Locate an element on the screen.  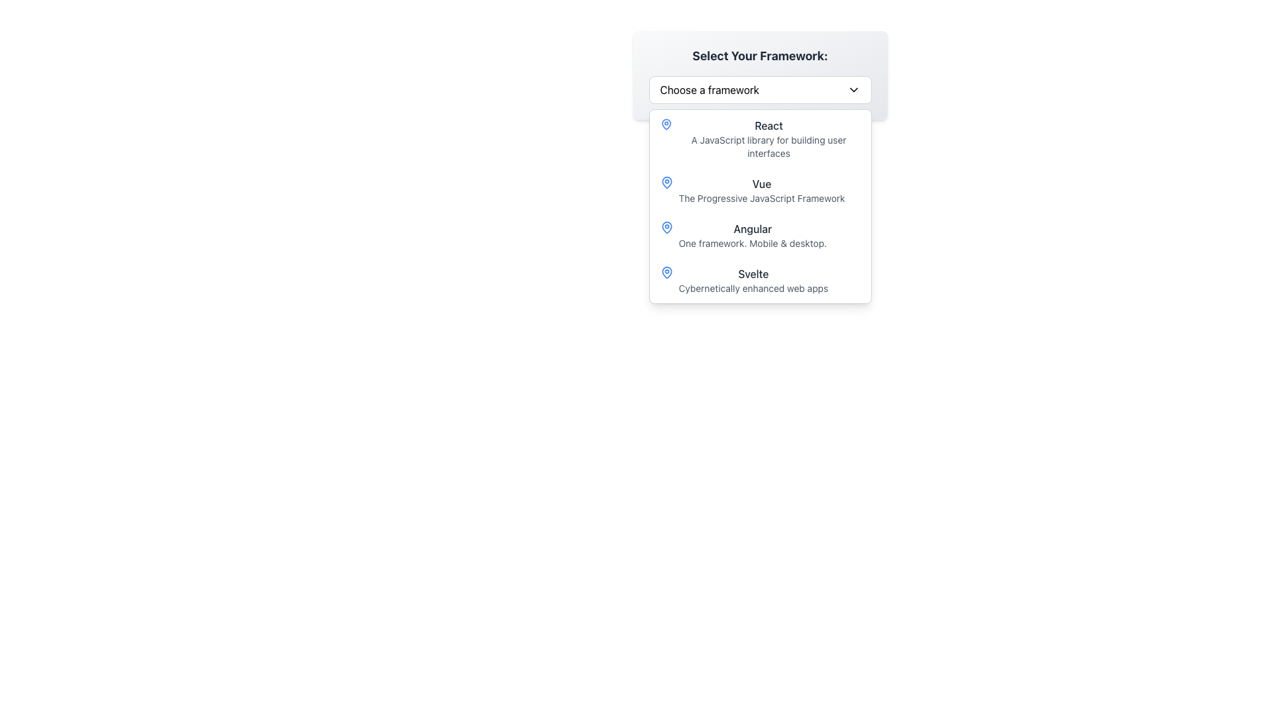
the selectable dropdown item labeled 'React' with a description 'A JavaScript library for building user interfaces' is located at coordinates (760, 138).